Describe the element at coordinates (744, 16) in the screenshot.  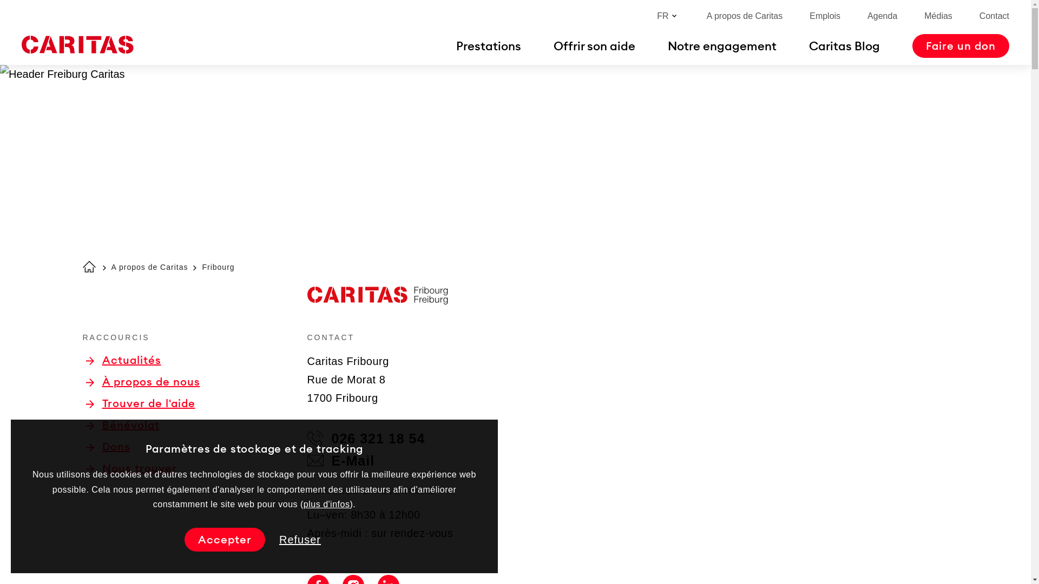
I see `'A propos de Caritas'` at that location.